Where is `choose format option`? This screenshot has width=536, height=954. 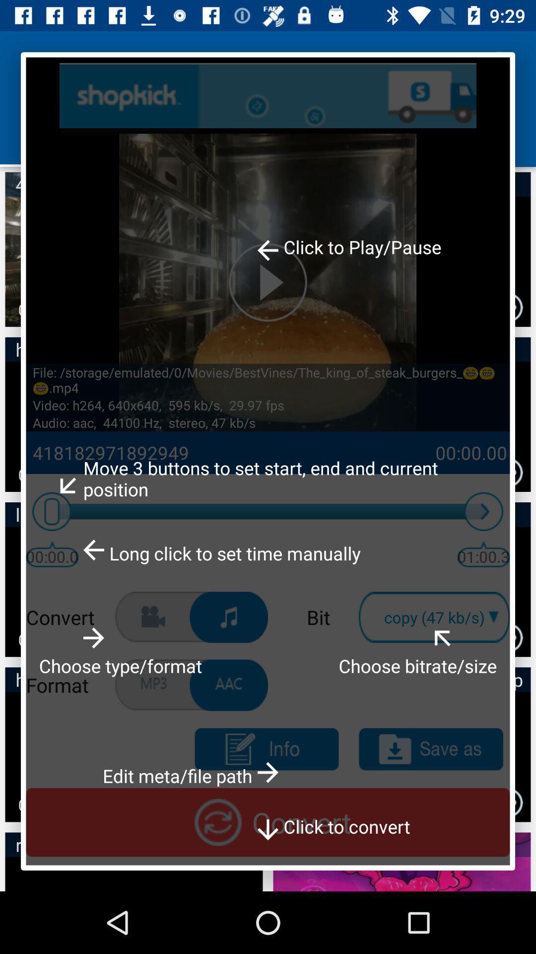
choose format option is located at coordinates (229, 617).